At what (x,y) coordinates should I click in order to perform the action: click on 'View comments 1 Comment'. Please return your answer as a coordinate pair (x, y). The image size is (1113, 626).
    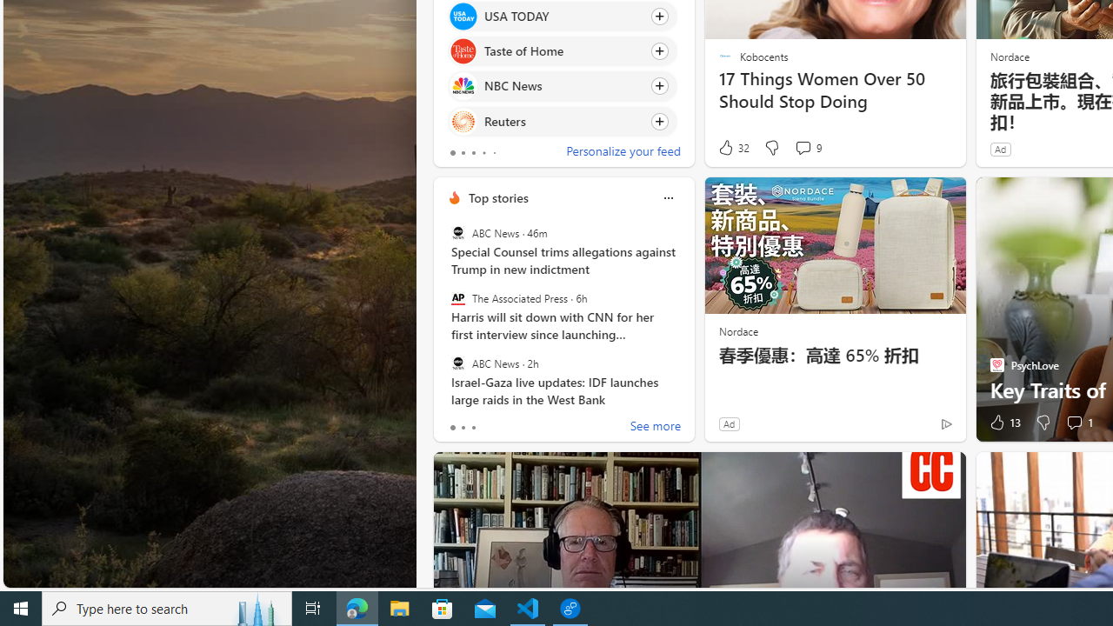
    Looking at the image, I should click on (1073, 423).